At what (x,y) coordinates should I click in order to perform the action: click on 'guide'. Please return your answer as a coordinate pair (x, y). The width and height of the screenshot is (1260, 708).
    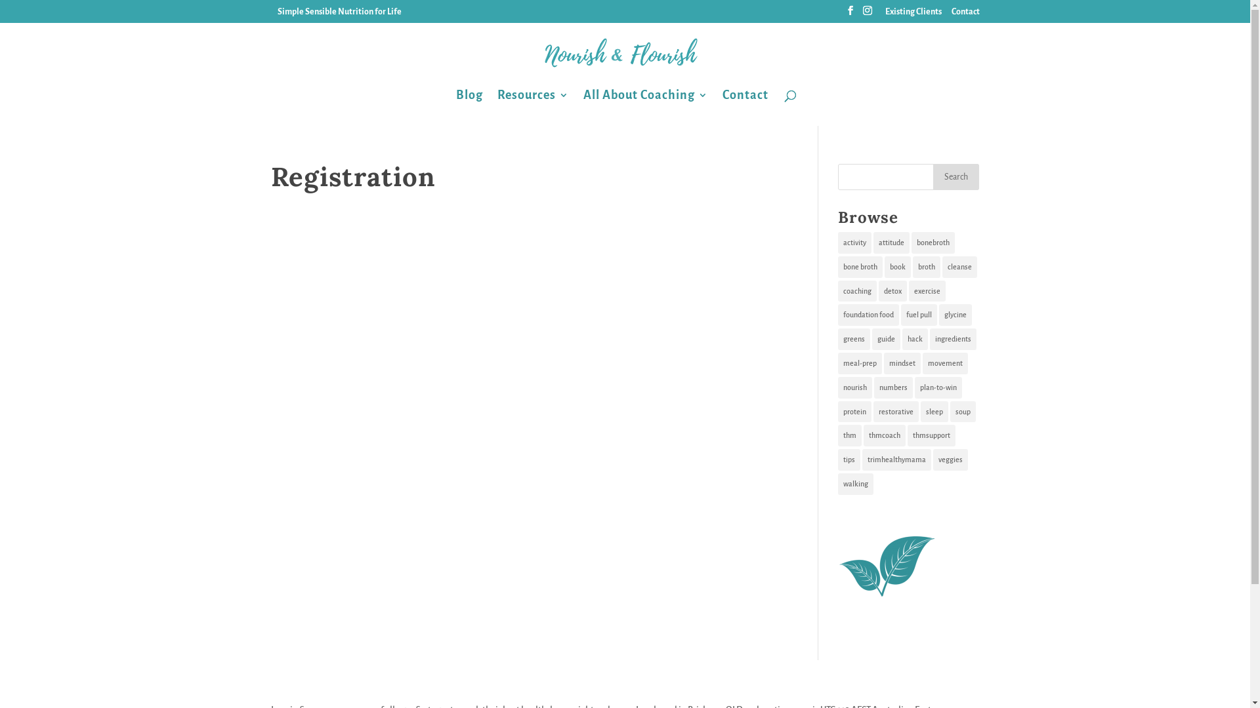
    Looking at the image, I should click on (872, 338).